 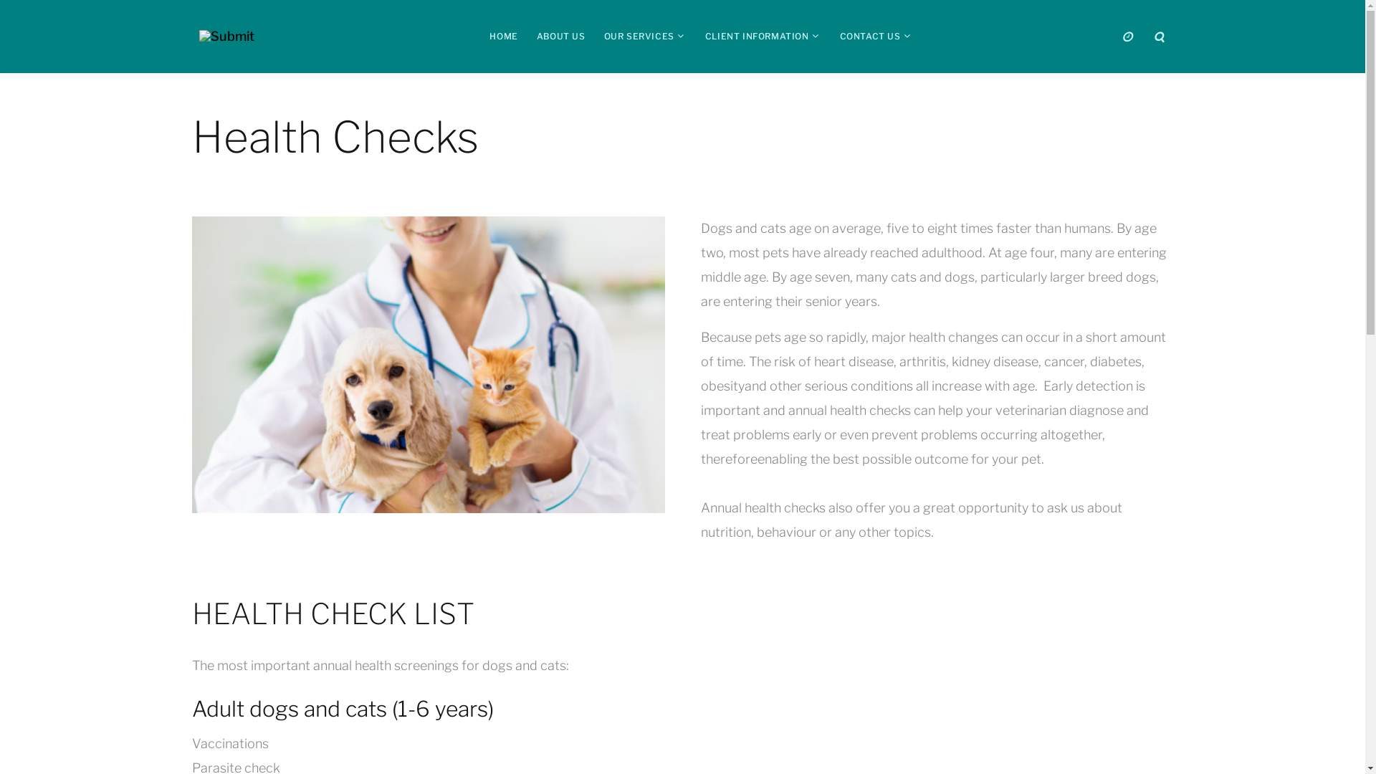 What do you see at coordinates (756, 35) in the screenshot?
I see `'CLIENT INFORMATION'` at bounding box center [756, 35].